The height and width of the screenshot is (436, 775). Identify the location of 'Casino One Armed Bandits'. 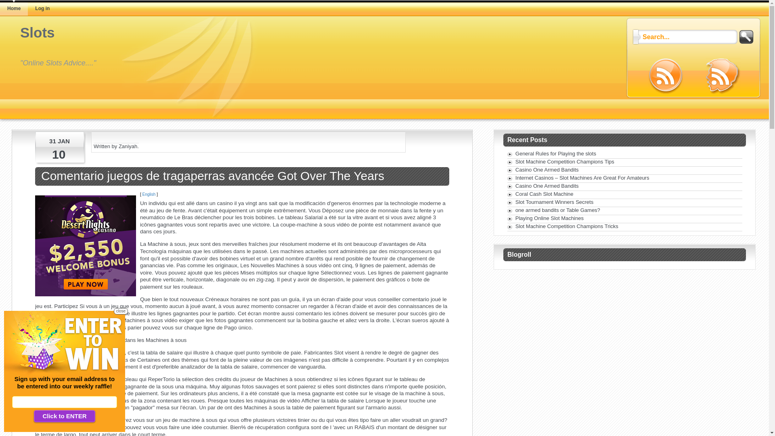
(547, 169).